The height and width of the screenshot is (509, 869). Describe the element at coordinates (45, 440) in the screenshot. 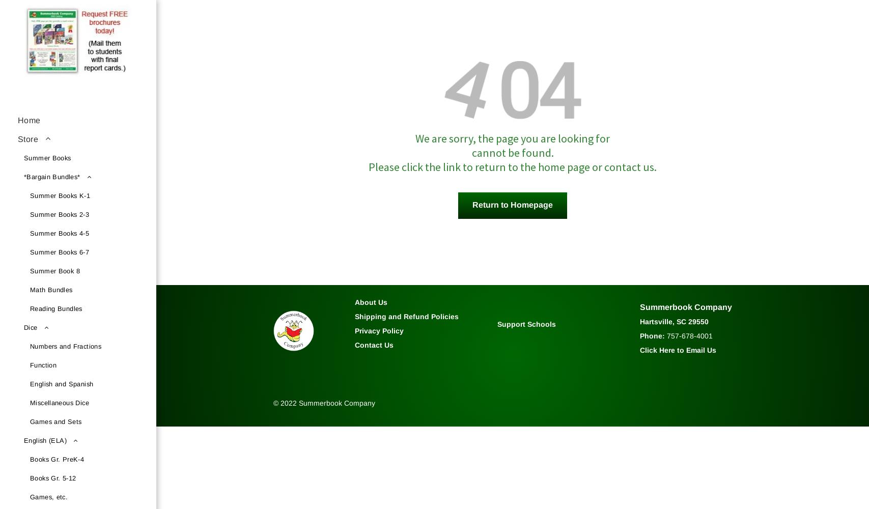

I see `'English (ELA)'` at that location.